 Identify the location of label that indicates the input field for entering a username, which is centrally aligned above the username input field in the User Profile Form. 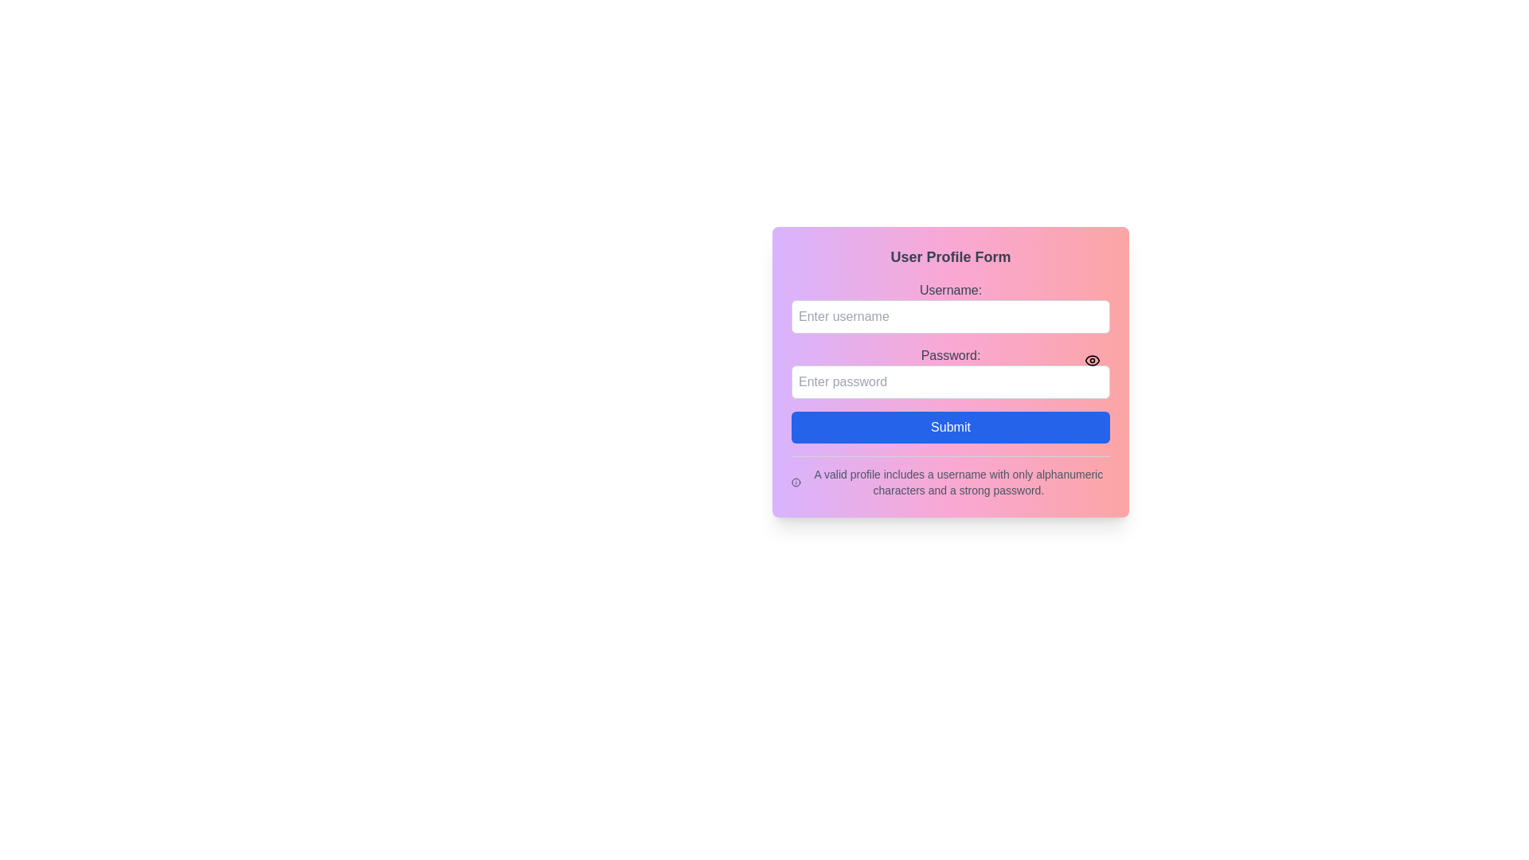
(951, 307).